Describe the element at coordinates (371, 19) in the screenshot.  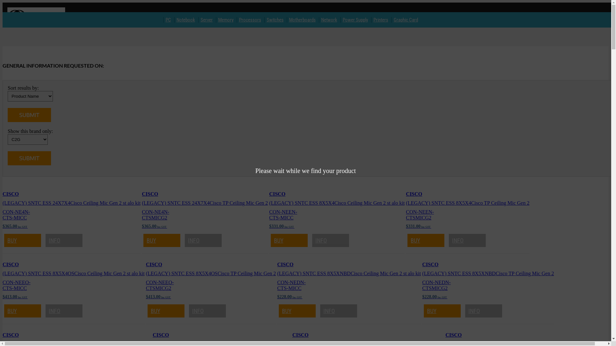
I see `'Printers'` at that location.